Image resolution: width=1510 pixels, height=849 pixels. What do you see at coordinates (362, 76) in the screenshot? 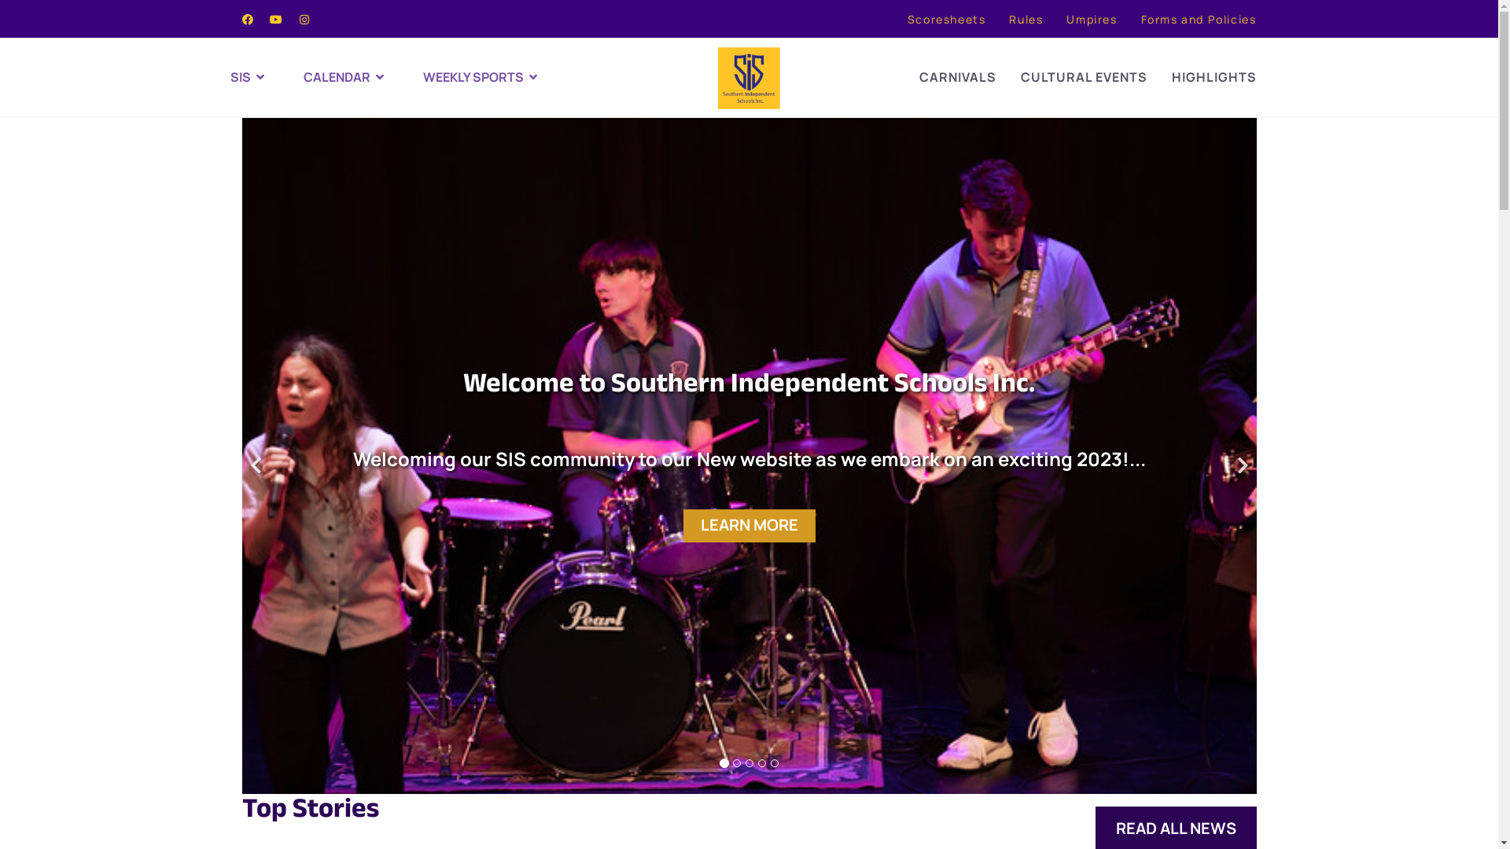
I see `'CALENDAR'` at bounding box center [362, 76].